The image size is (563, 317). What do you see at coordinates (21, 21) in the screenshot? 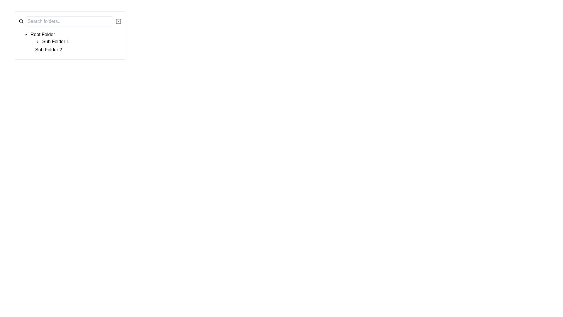
I see `the search icon (magnifying glass) located at the top-left corner of the search input area, which is positioned to the left of the text input box with the placeholder 'Search folders...'` at bounding box center [21, 21].